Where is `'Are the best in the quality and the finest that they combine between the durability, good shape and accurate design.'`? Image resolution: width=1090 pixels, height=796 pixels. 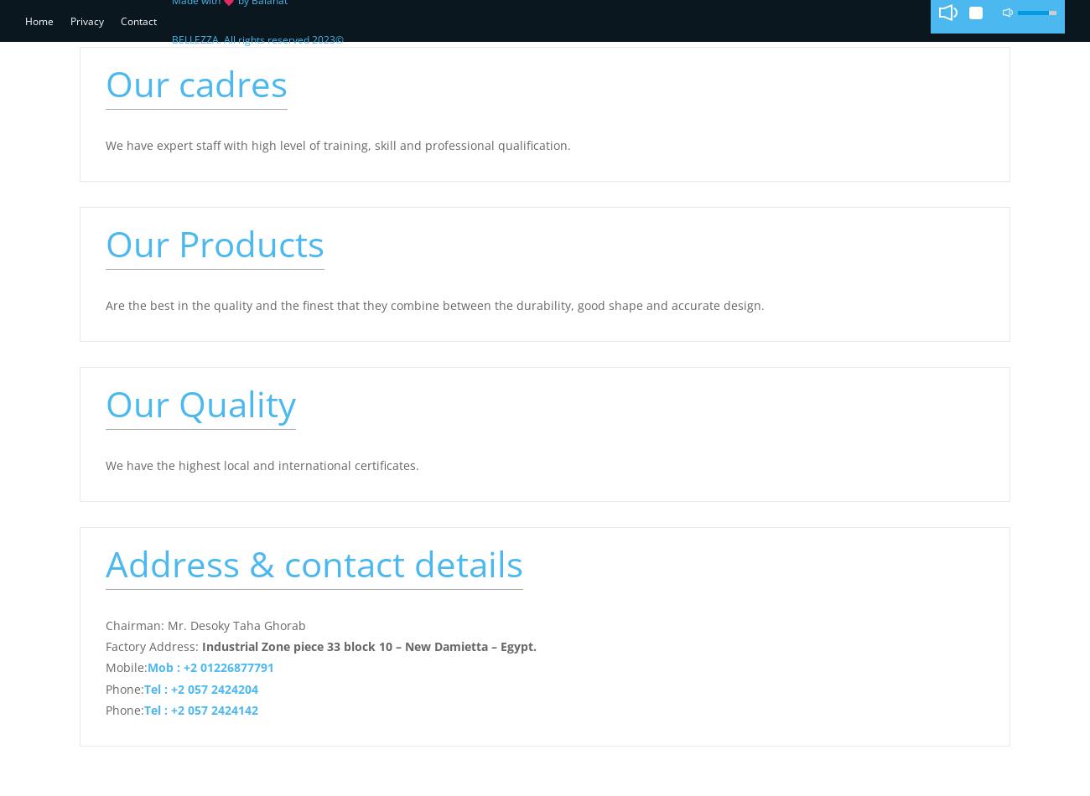 'Are the best in the quality and the finest that they combine between the durability, good shape and accurate design.' is located at coordinates (434, 303).